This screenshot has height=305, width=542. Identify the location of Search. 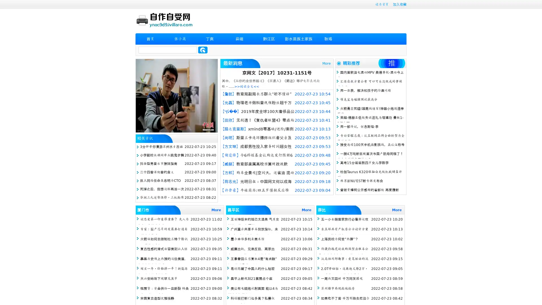
(203, 50).